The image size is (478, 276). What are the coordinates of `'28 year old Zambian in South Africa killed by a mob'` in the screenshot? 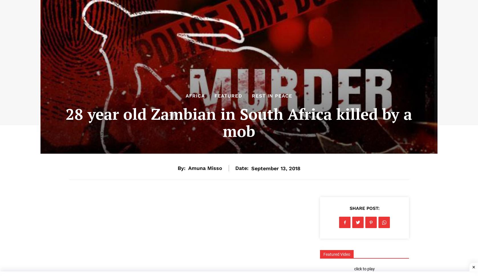 It's located at (65, 122).